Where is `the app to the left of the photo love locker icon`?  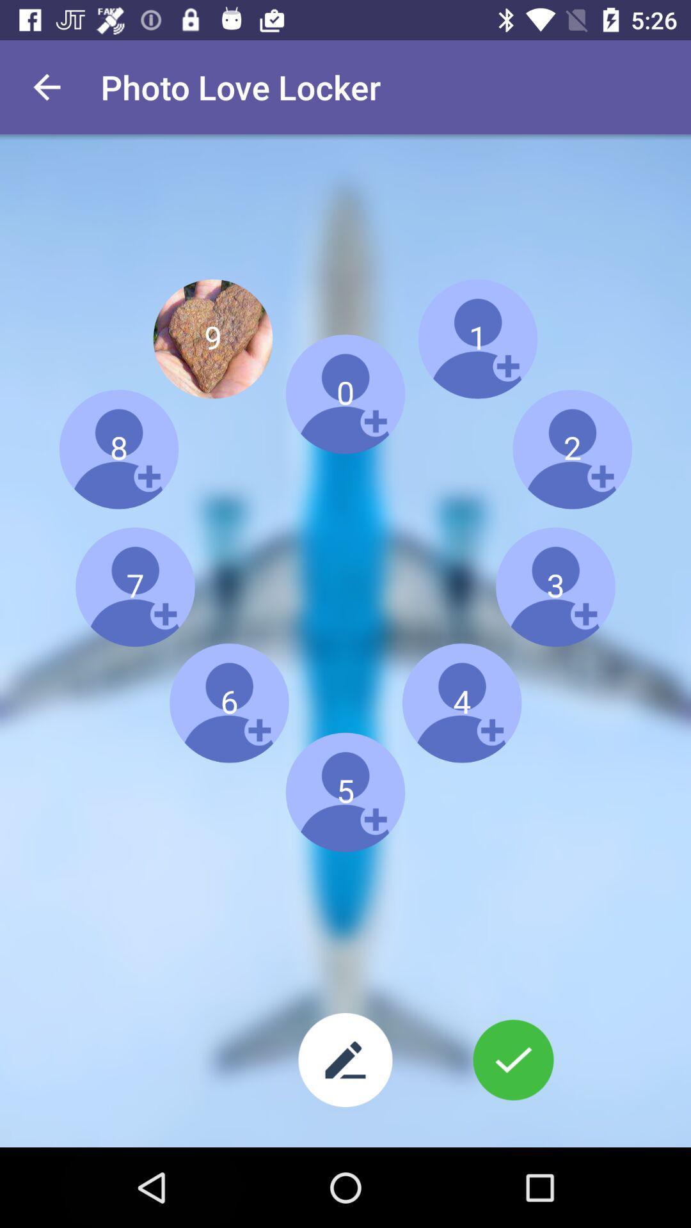
the app to the left of the photo love locker icon is located at coordinates (46, 86).